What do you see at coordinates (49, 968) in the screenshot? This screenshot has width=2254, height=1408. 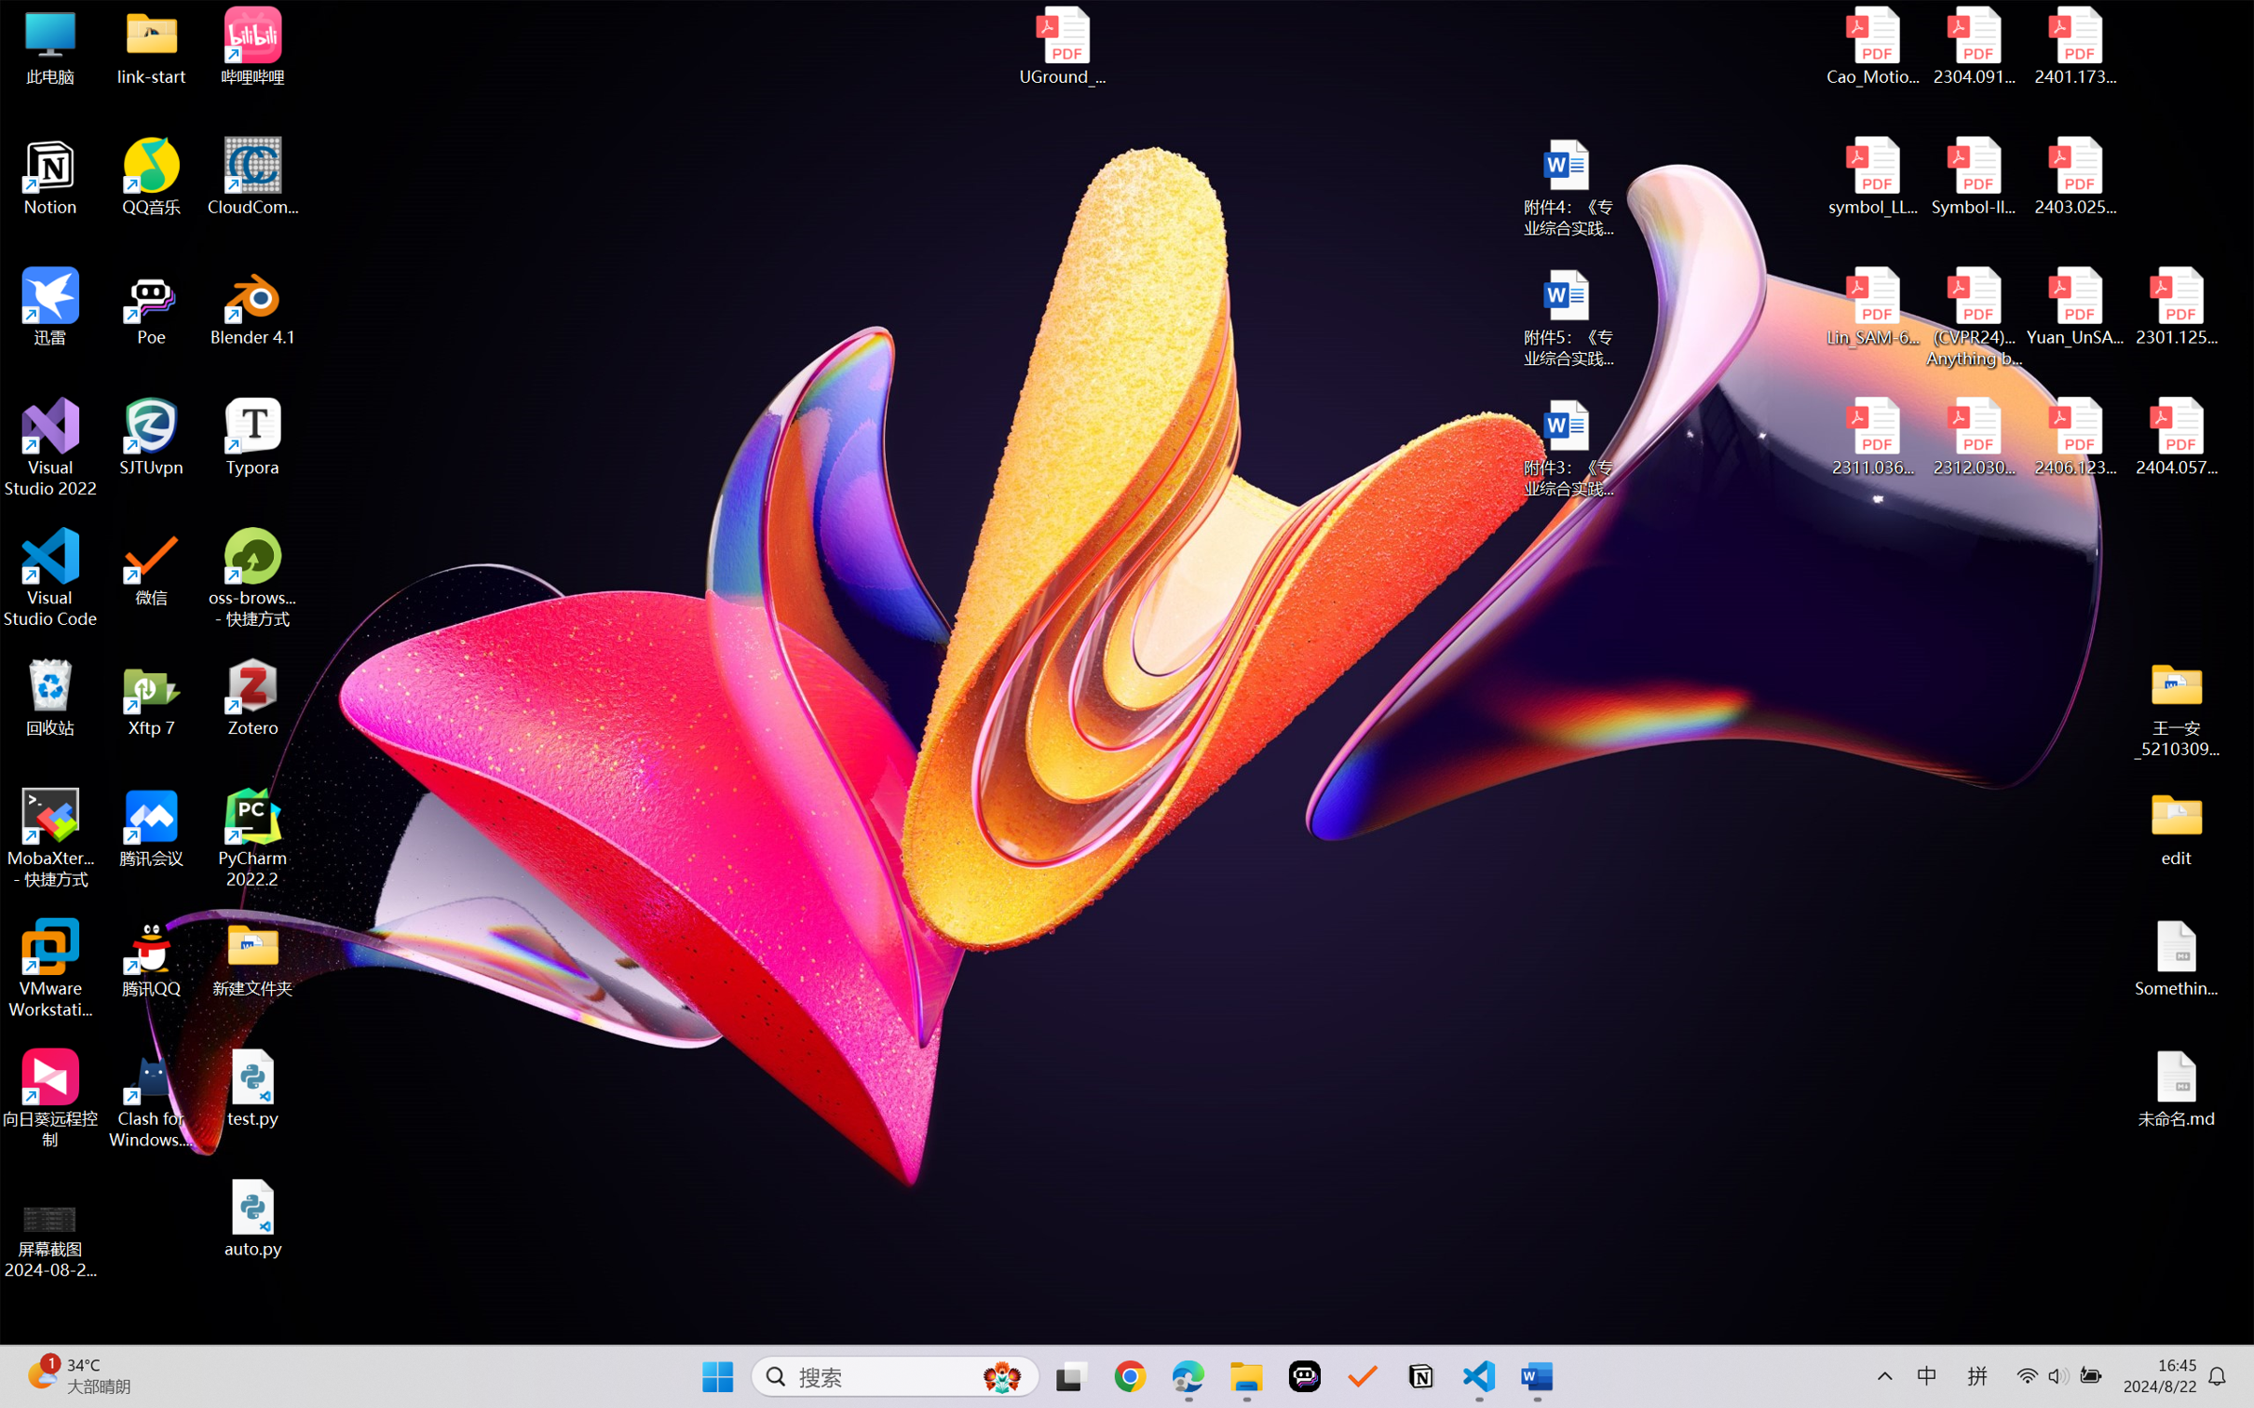 I see `'VMware Workstation Pro'` at bounding box center [49, 968].